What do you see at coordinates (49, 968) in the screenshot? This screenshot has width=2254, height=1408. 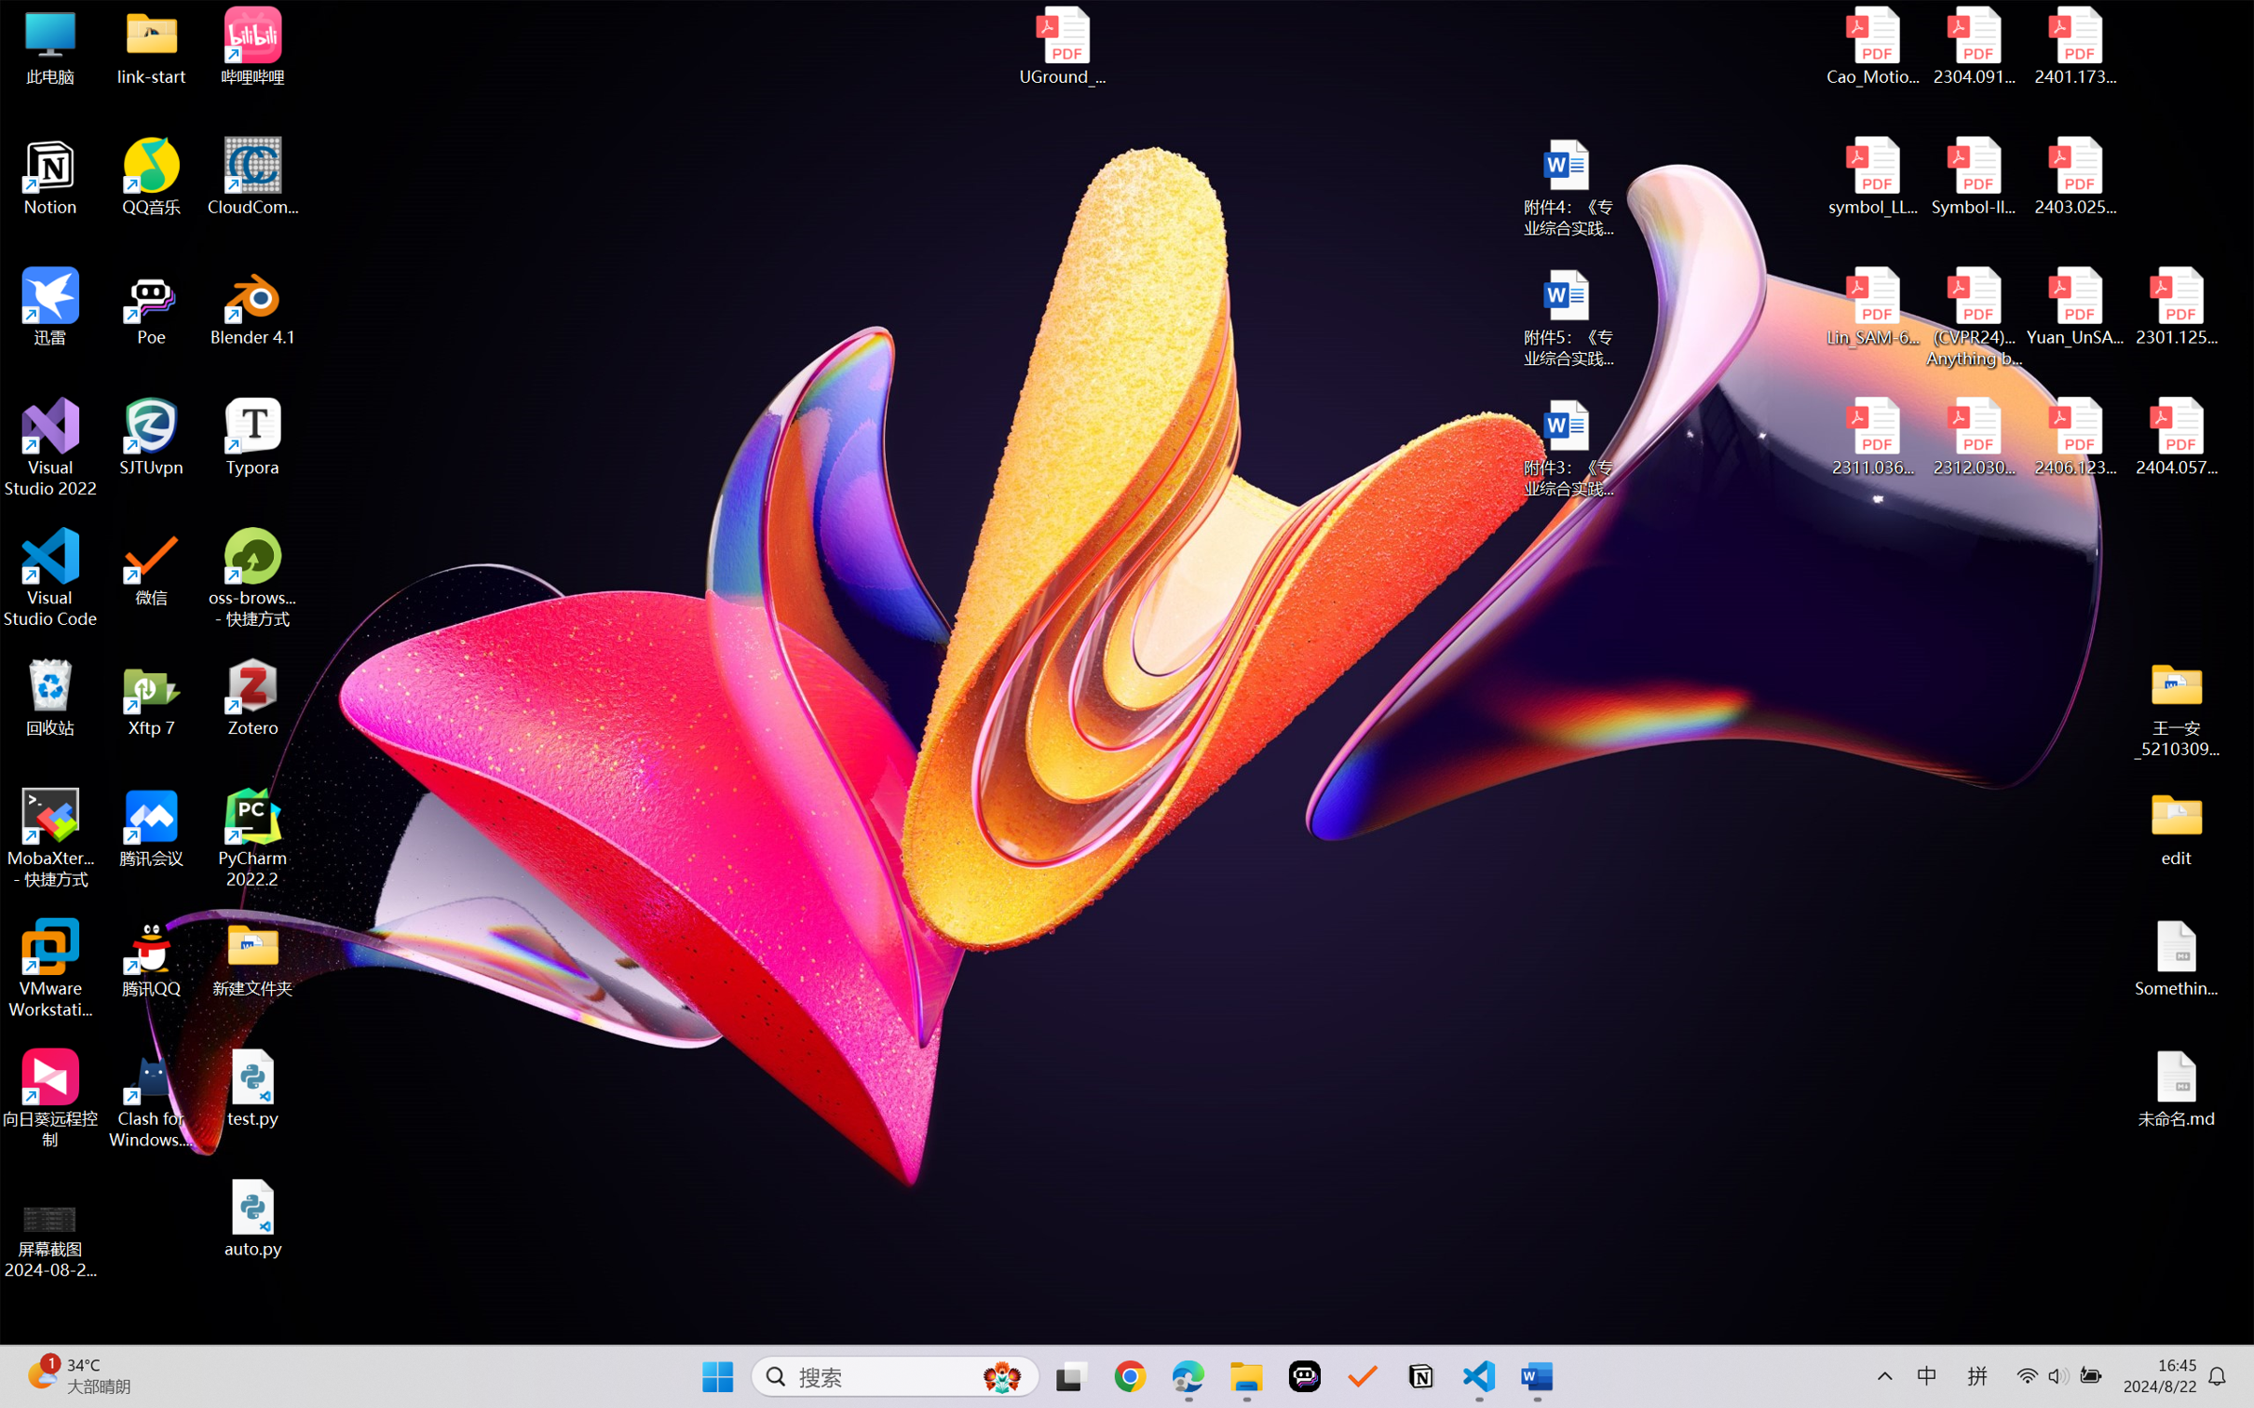 I see `'VMware Workstation Pro'` at bounding box center [49, 968].